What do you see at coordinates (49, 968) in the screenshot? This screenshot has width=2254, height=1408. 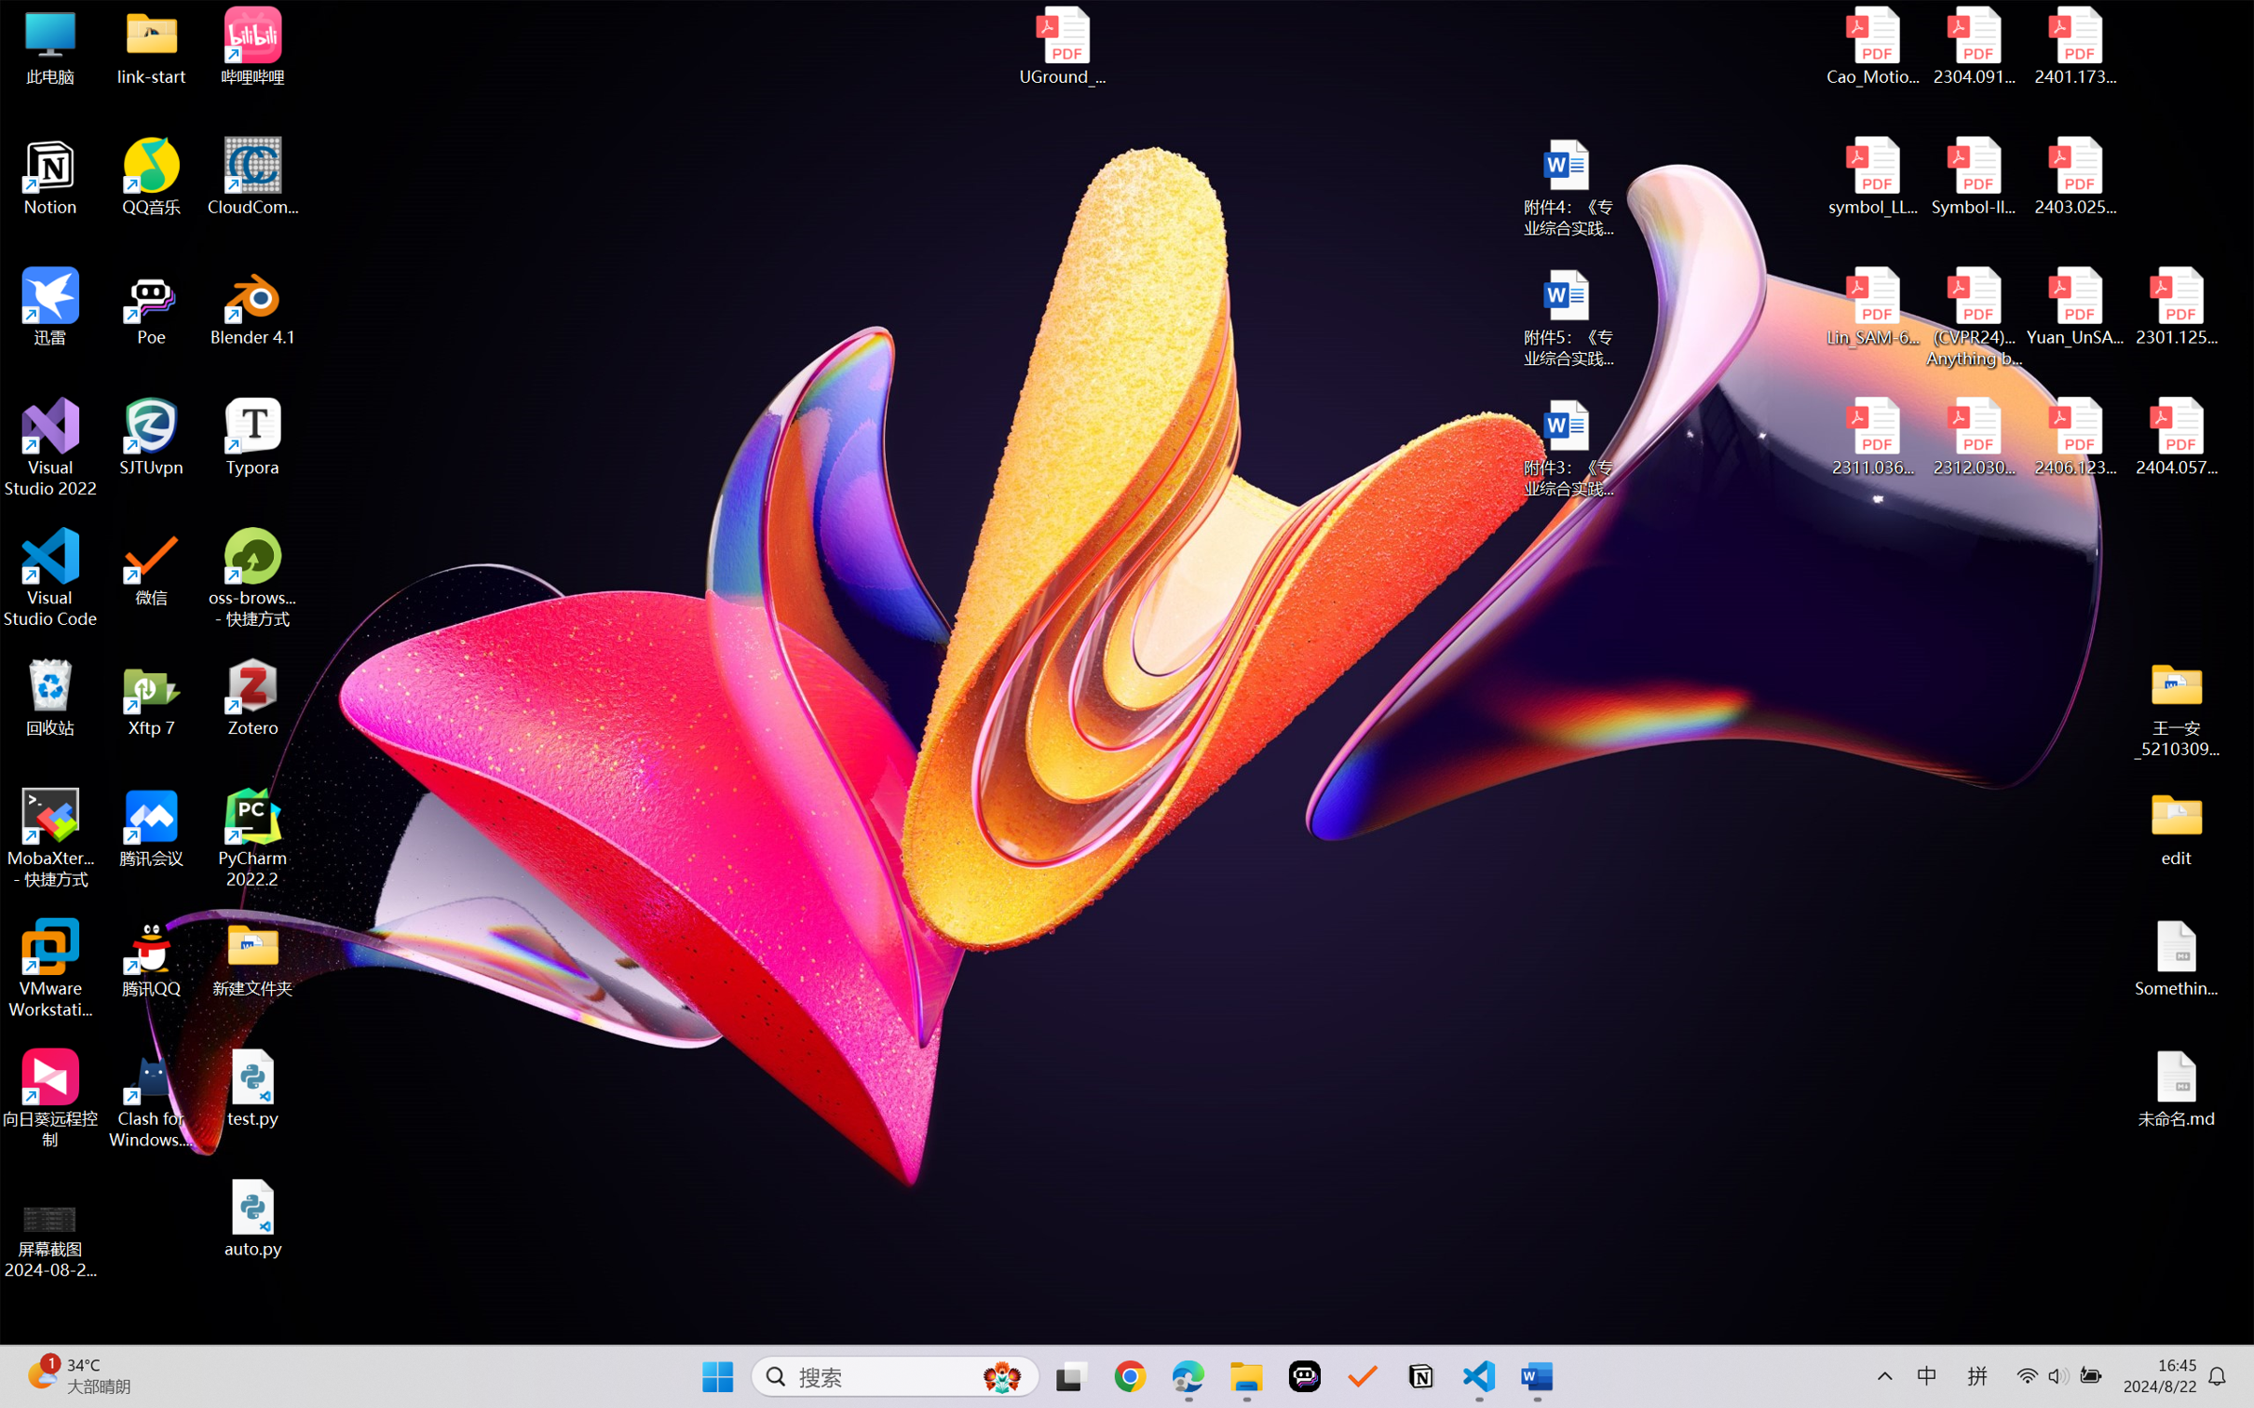 I see `'VMware Workstation Pro'` at bounding box center [49, 968].